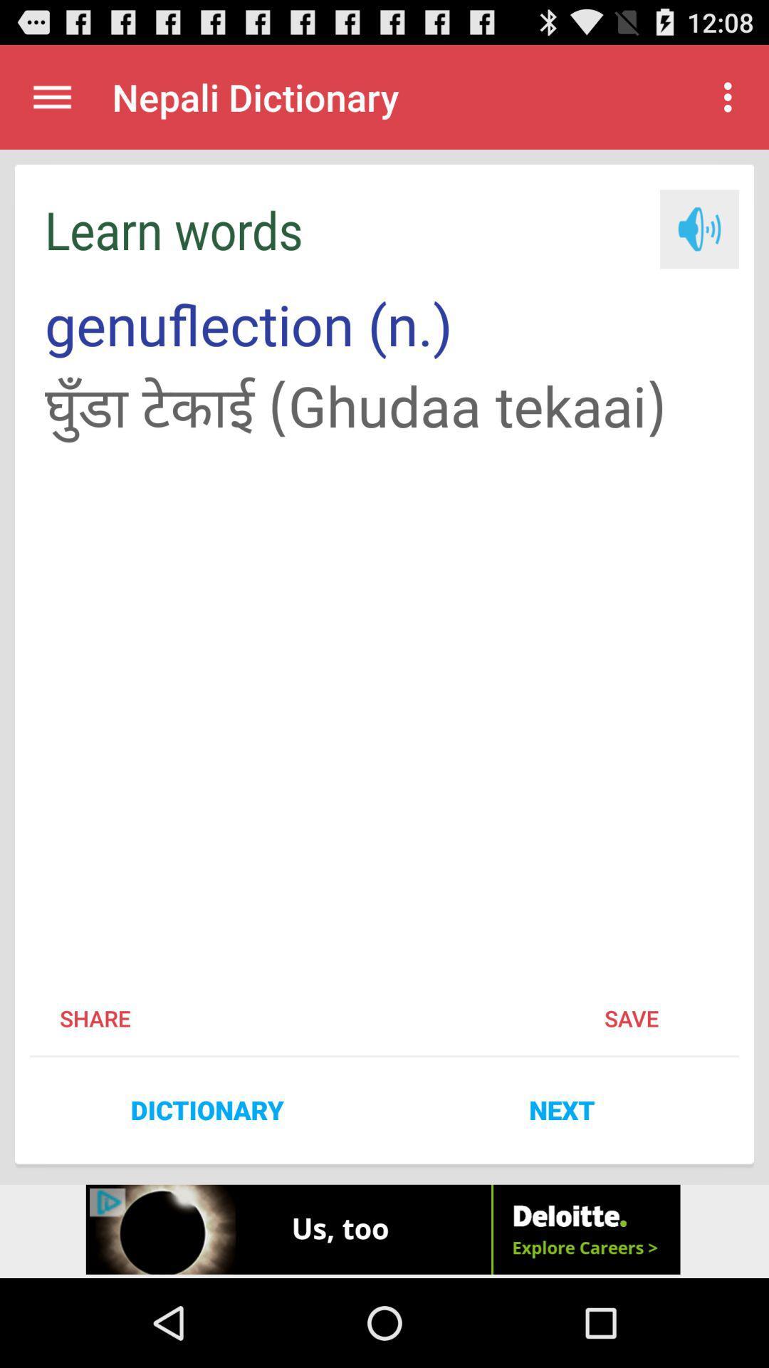  I want to click on advertisement, so click(384, 1230).